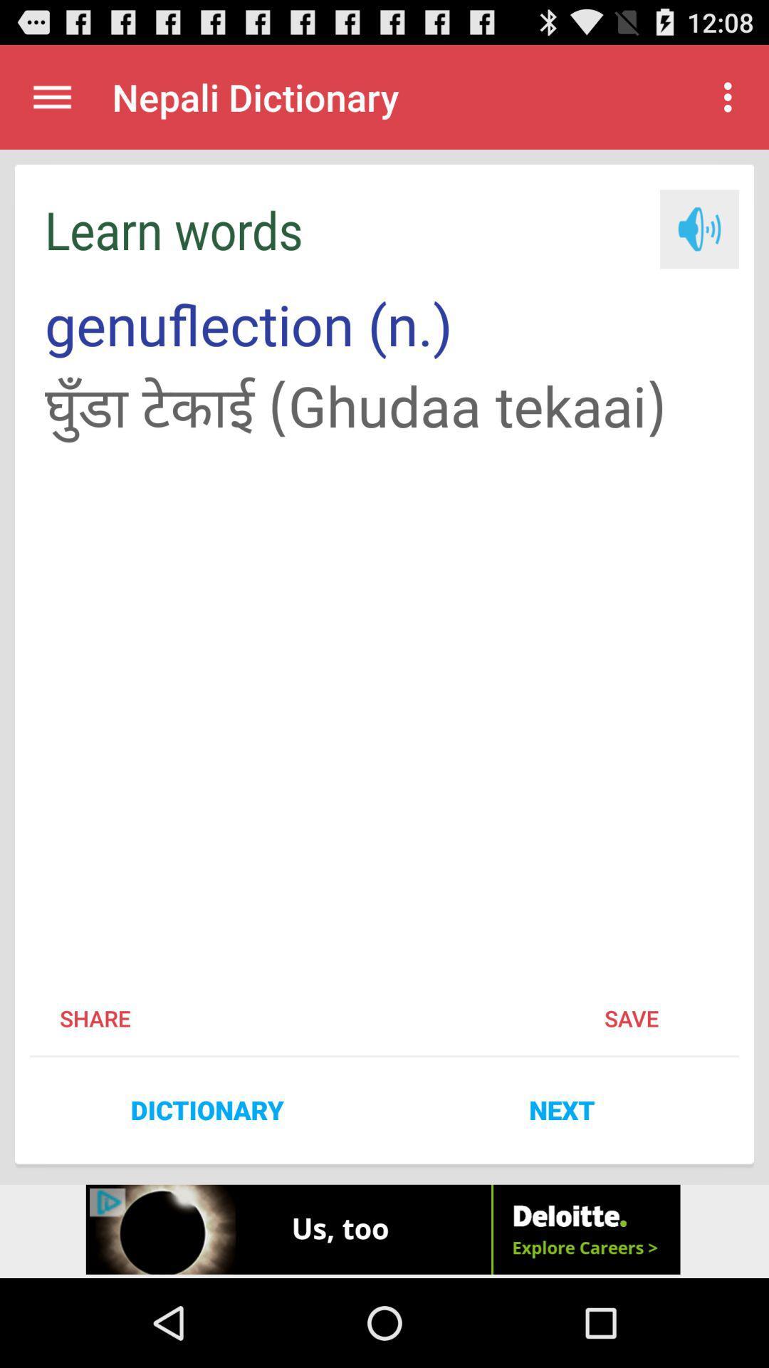  I want to click on advertisement, so click(384, 1230).